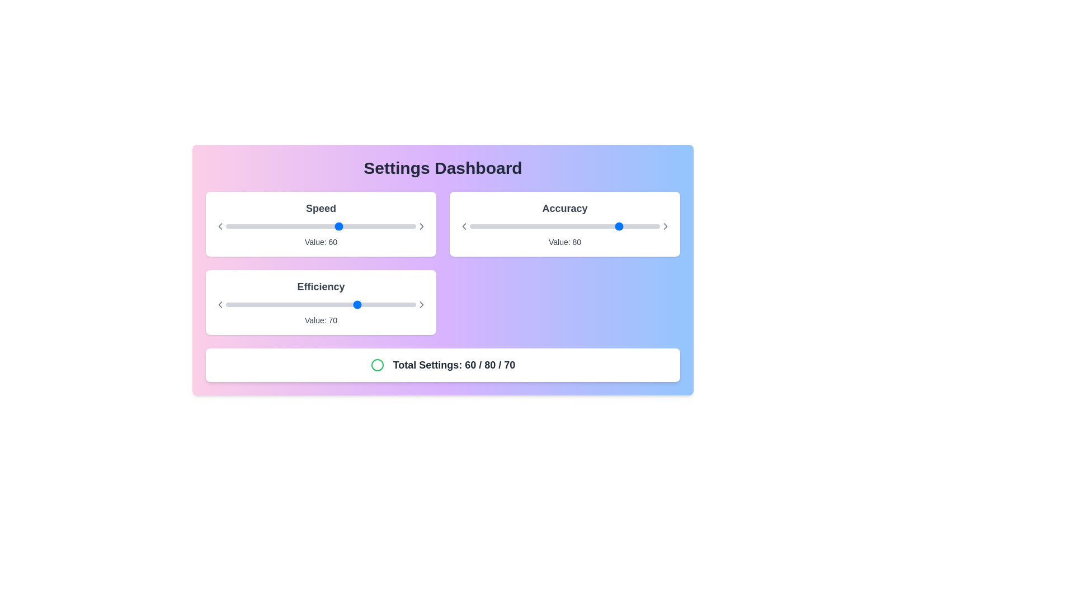  I want to click on accuracy slider, so click(654, 226).